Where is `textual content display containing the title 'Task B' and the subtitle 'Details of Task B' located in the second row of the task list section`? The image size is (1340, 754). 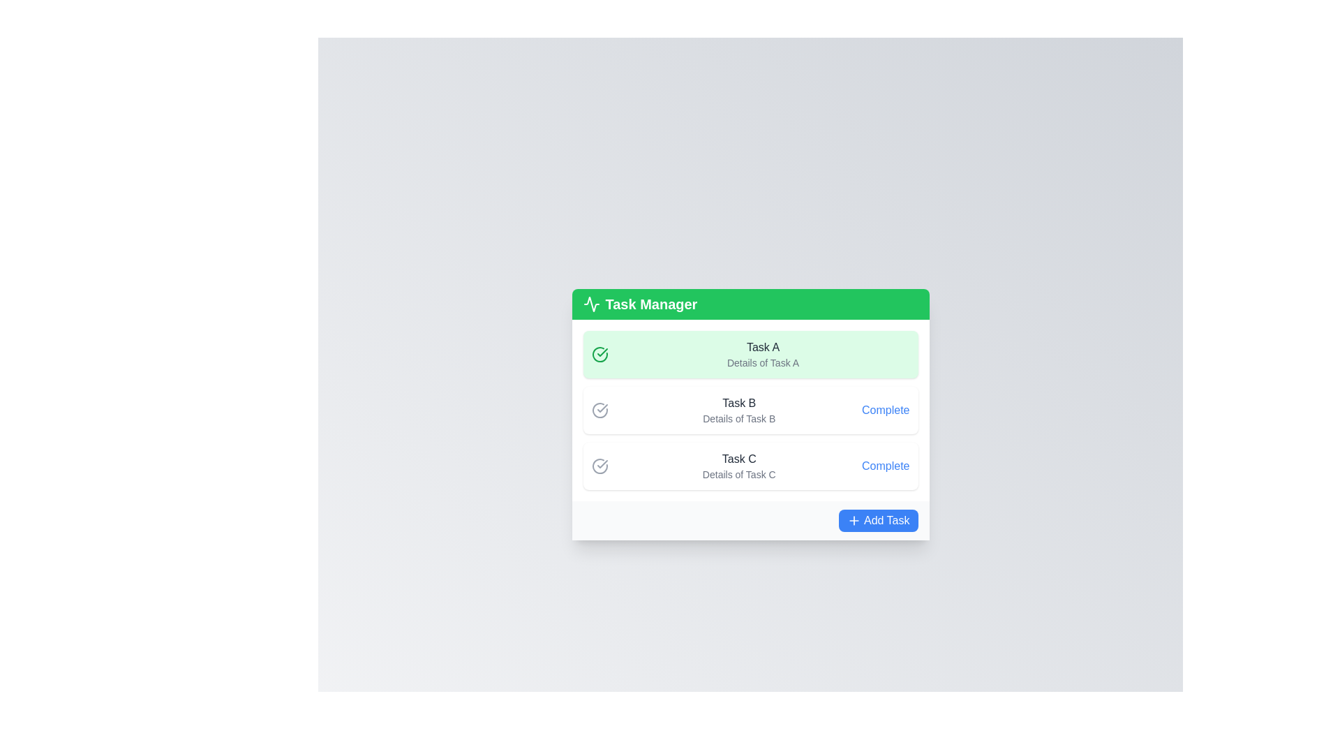 textual content display containing the title 'Task B' and the subtitle 'Details of Task B' located in the second row of the task list section is located at coordinates (738, 409).